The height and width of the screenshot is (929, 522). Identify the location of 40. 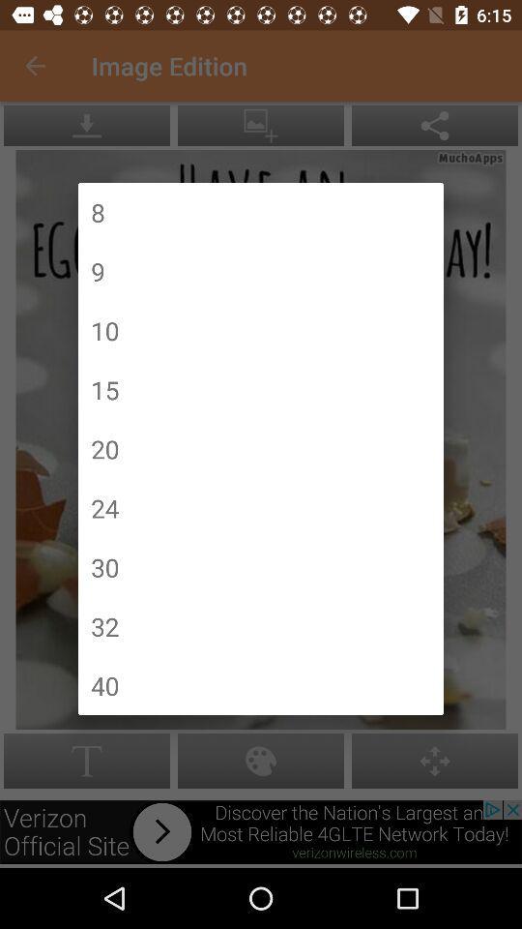
(104, 685).